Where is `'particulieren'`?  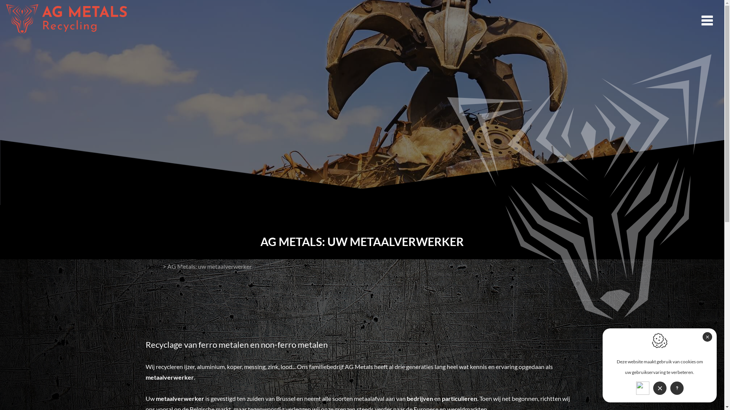 'particulieren' is located at coordinates (459, 398).